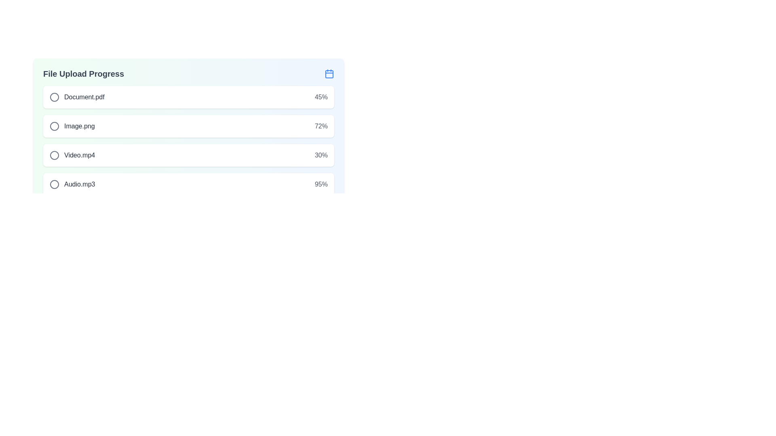 The height and width of the screenshot is (436, 776). Describe the element at coordinates (54, 184) in the screenshot. I see `the decorative status indicator icon located to the far left of the 'Audio.mp3' label in the file upload progress section` at that location.